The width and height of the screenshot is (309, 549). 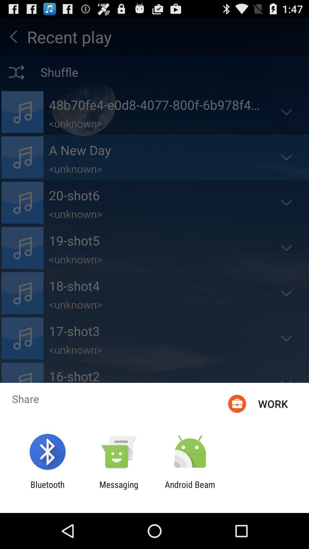 What do you see at coordinates (118, 489) in the screenshot?
I see `the messaging icon` at bounding box center [118, 489].